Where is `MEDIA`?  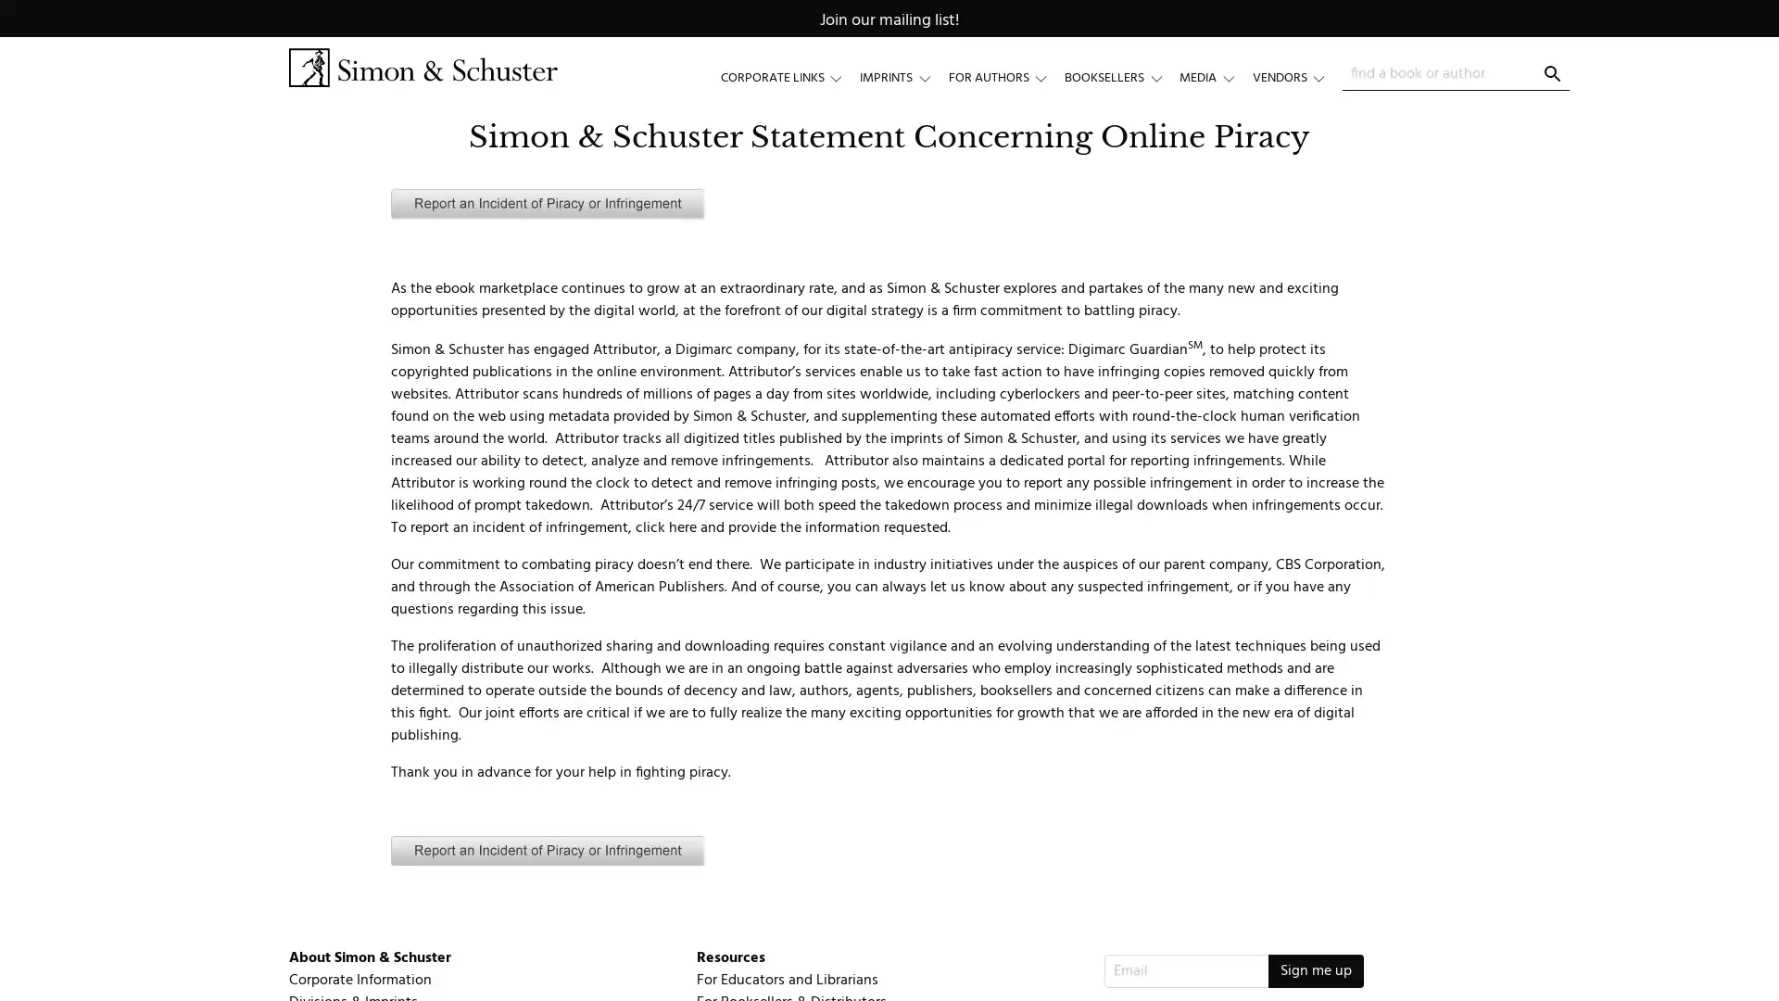
MEDIA is located at coordinates (1215, 77).